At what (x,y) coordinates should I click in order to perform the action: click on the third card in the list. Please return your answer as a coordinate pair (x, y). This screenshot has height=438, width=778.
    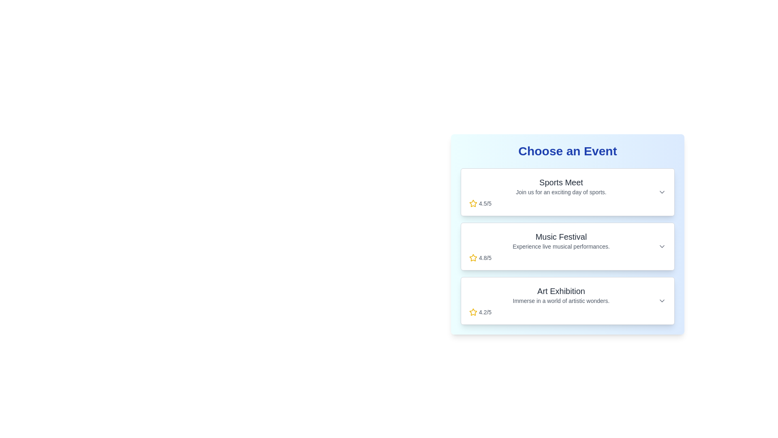
    Looking at the image, I should click on (567, 301).